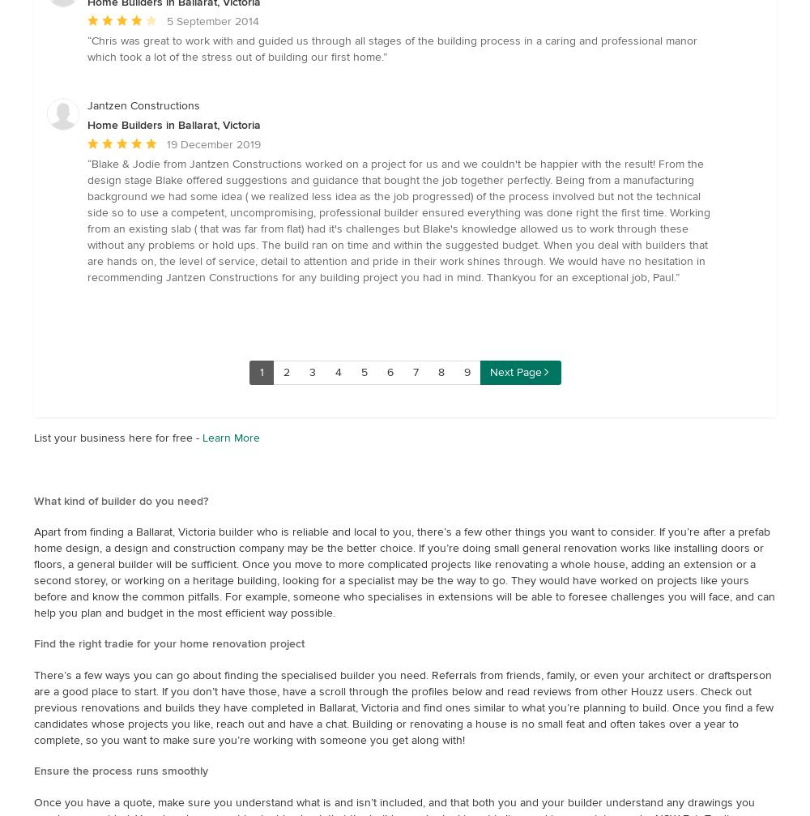  Describe the element at coordinates (398, 220) in the screenshot. I see `'Blake & Jodie from Jantzen Constructions worked on a project for us and we couldn't be happier with the result!

From the design stage Blake offered suggestions and guidance that bought the job together perfectly. 
Being from a manufacturing background we had some idea ( we realized less idea as the job progressed) of the process involved but not the technical side so to use a competent, uncompromising, professional builder ensured everything was done right the first time. 

Working from an existing slab ( that was far from flat) had it's challenges but Blake's knowledge allowed us to work through these without any problems or hold ups.
The build ran on time and within the suggested budget. 

When you deal with builders that are hands on, the level of service, detail to attention and pride in their work shines through.
We would have no hesitation in recommending Jantzen Constructions for any building project you had in mind. 

Thankyou for an exceptional job,
Paul.'` at that location.